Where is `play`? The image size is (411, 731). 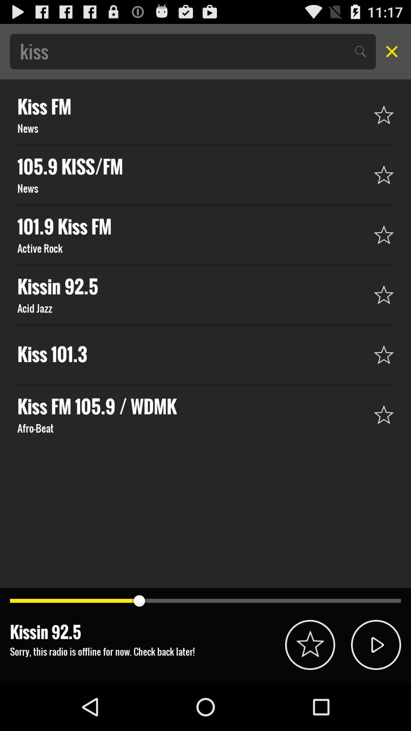
play is located at coordinates (376, 644).